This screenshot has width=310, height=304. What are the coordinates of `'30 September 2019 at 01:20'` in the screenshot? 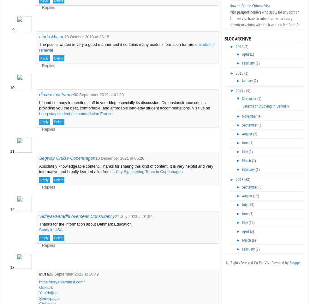 It's located at (73, 95).